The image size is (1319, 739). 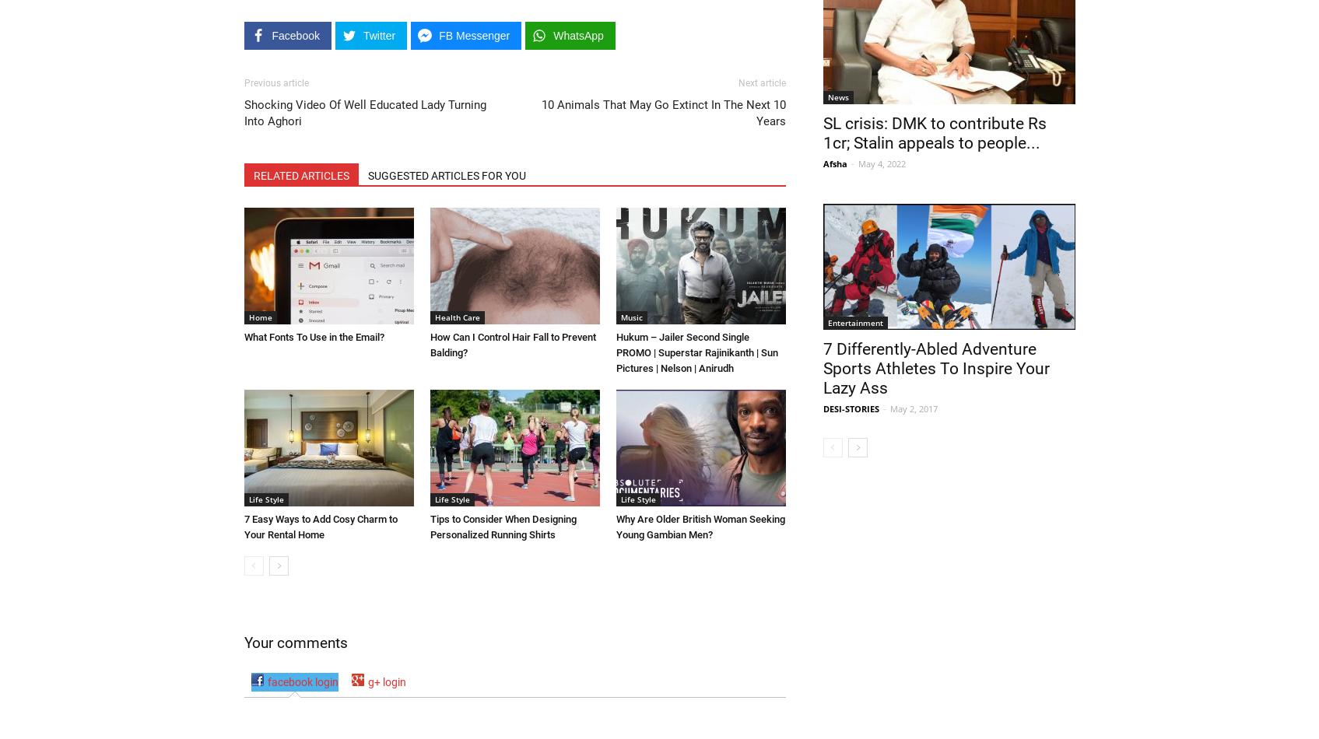 What do you see at coordinates (314, 335) in the screenshot?
I see `'What Fonts To Use in the Email?'` at bounding box center [314, 335].